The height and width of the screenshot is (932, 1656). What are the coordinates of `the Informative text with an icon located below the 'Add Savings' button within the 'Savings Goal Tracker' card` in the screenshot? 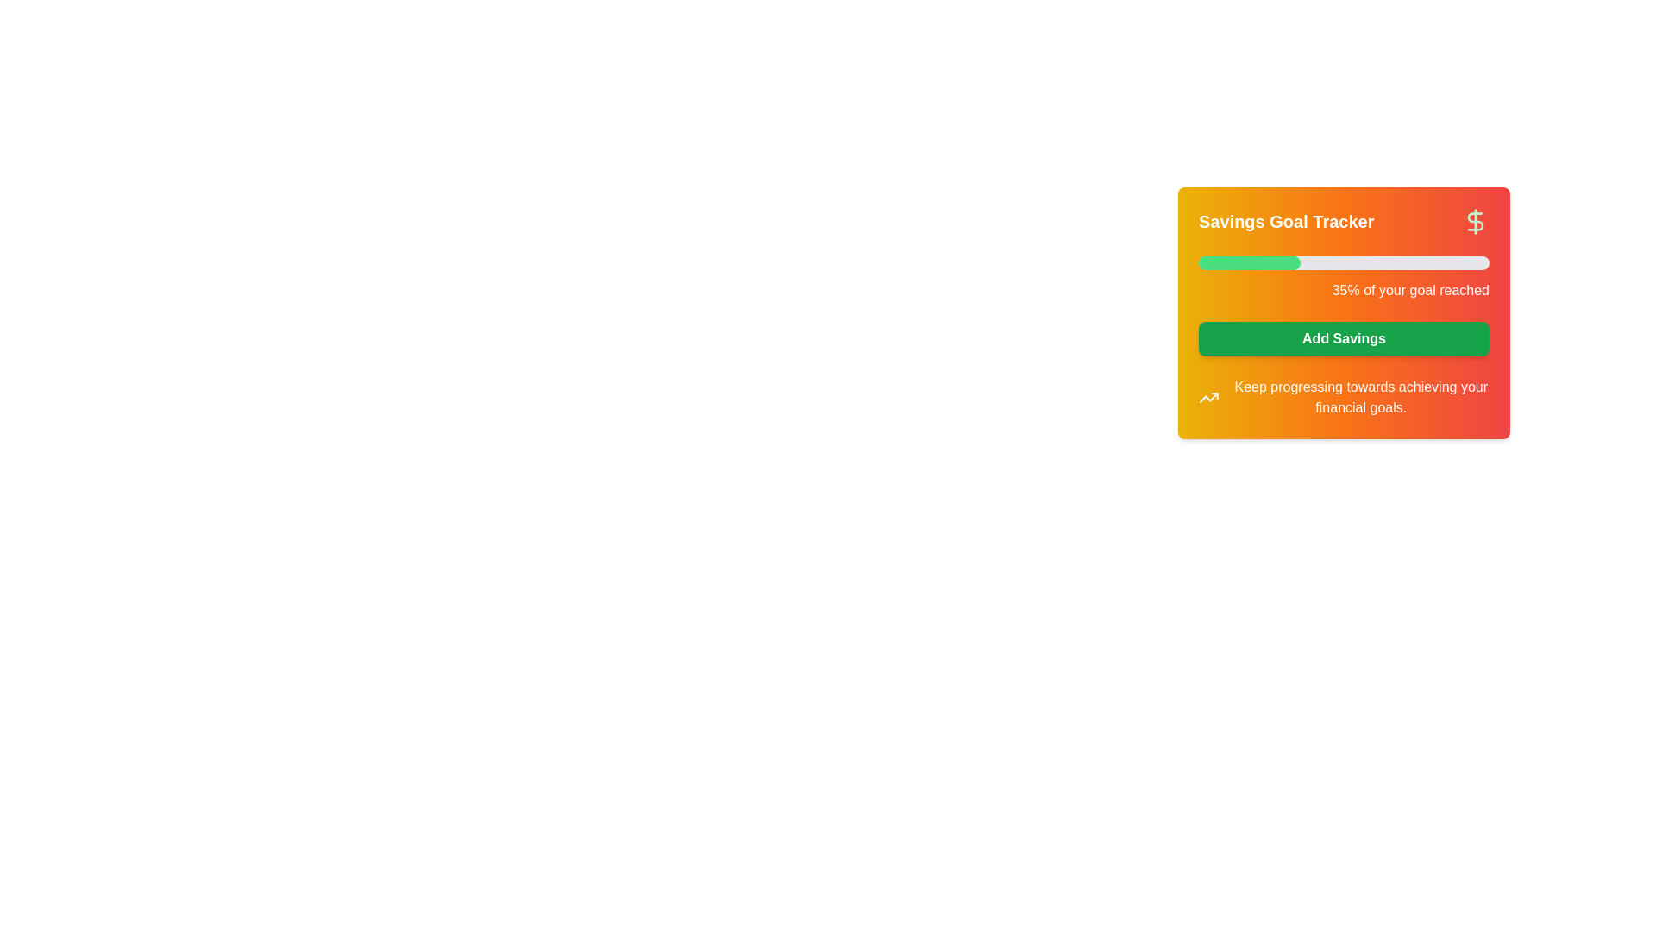 It's located at (1343, 398).